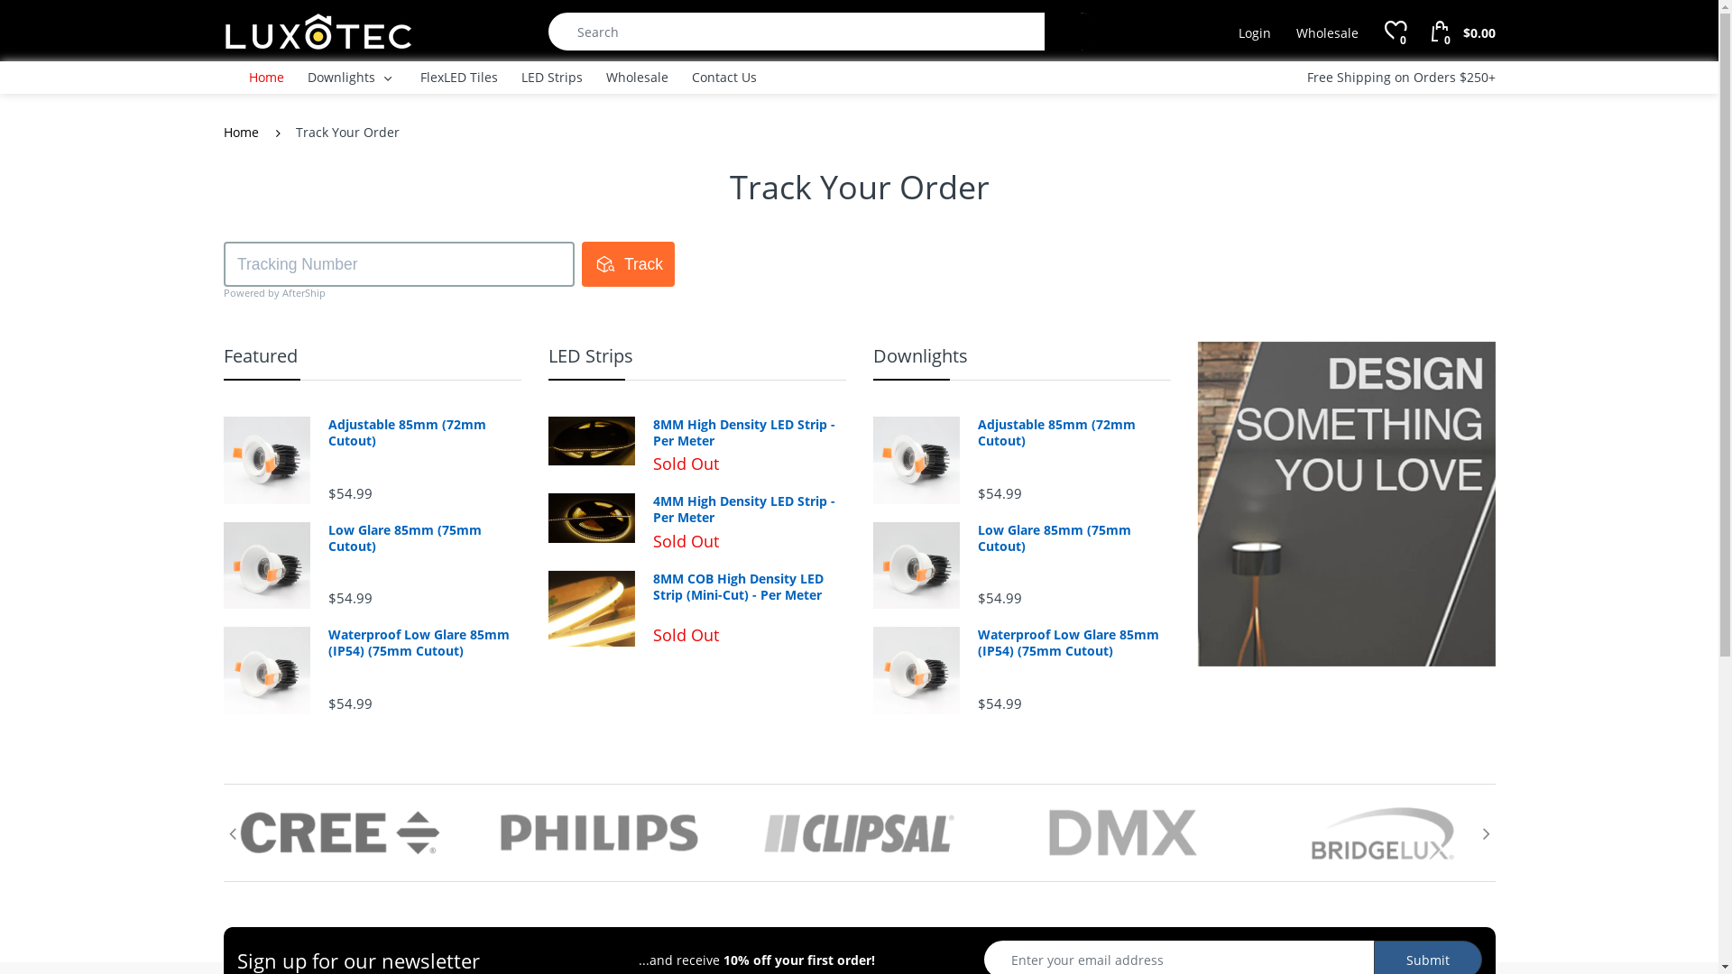 Image resolution: width=1732 pixels, height=974 pixels. I want to click on 'Wholesale', so click(1327, 33).